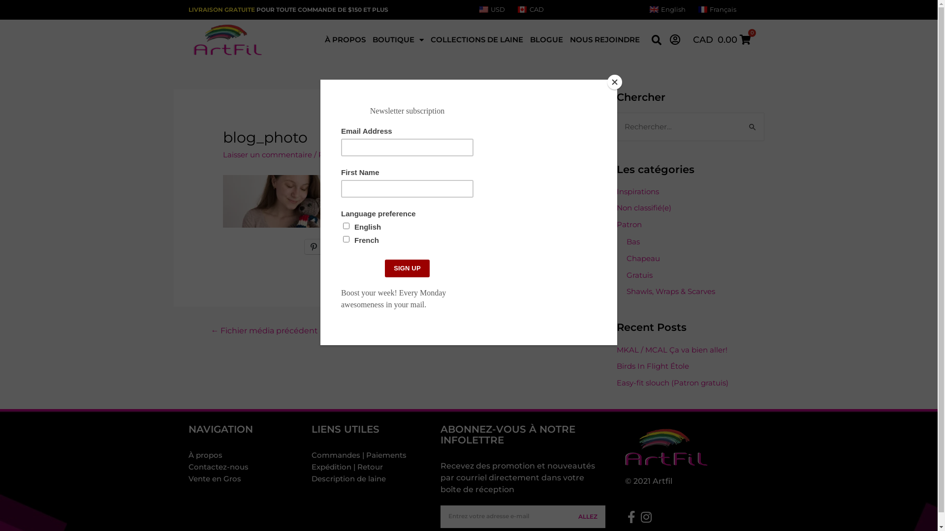 Image resolution: width=945 pixels, height=531 pixels. I want to click on 'Shawls, Wraps & Scarves', so click(670, 291).